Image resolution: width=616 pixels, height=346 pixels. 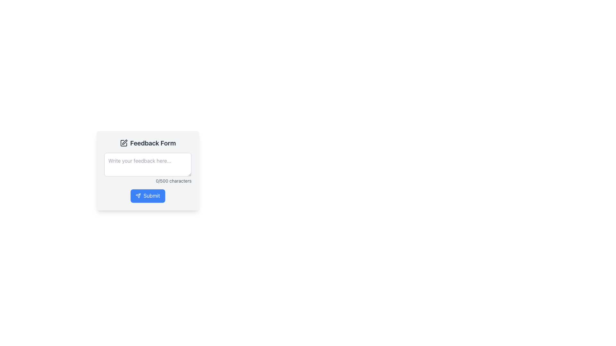 I want to click on the 'Feedback Form' header which provides context for the feedback form beneath it, so click(x=147, y=143).